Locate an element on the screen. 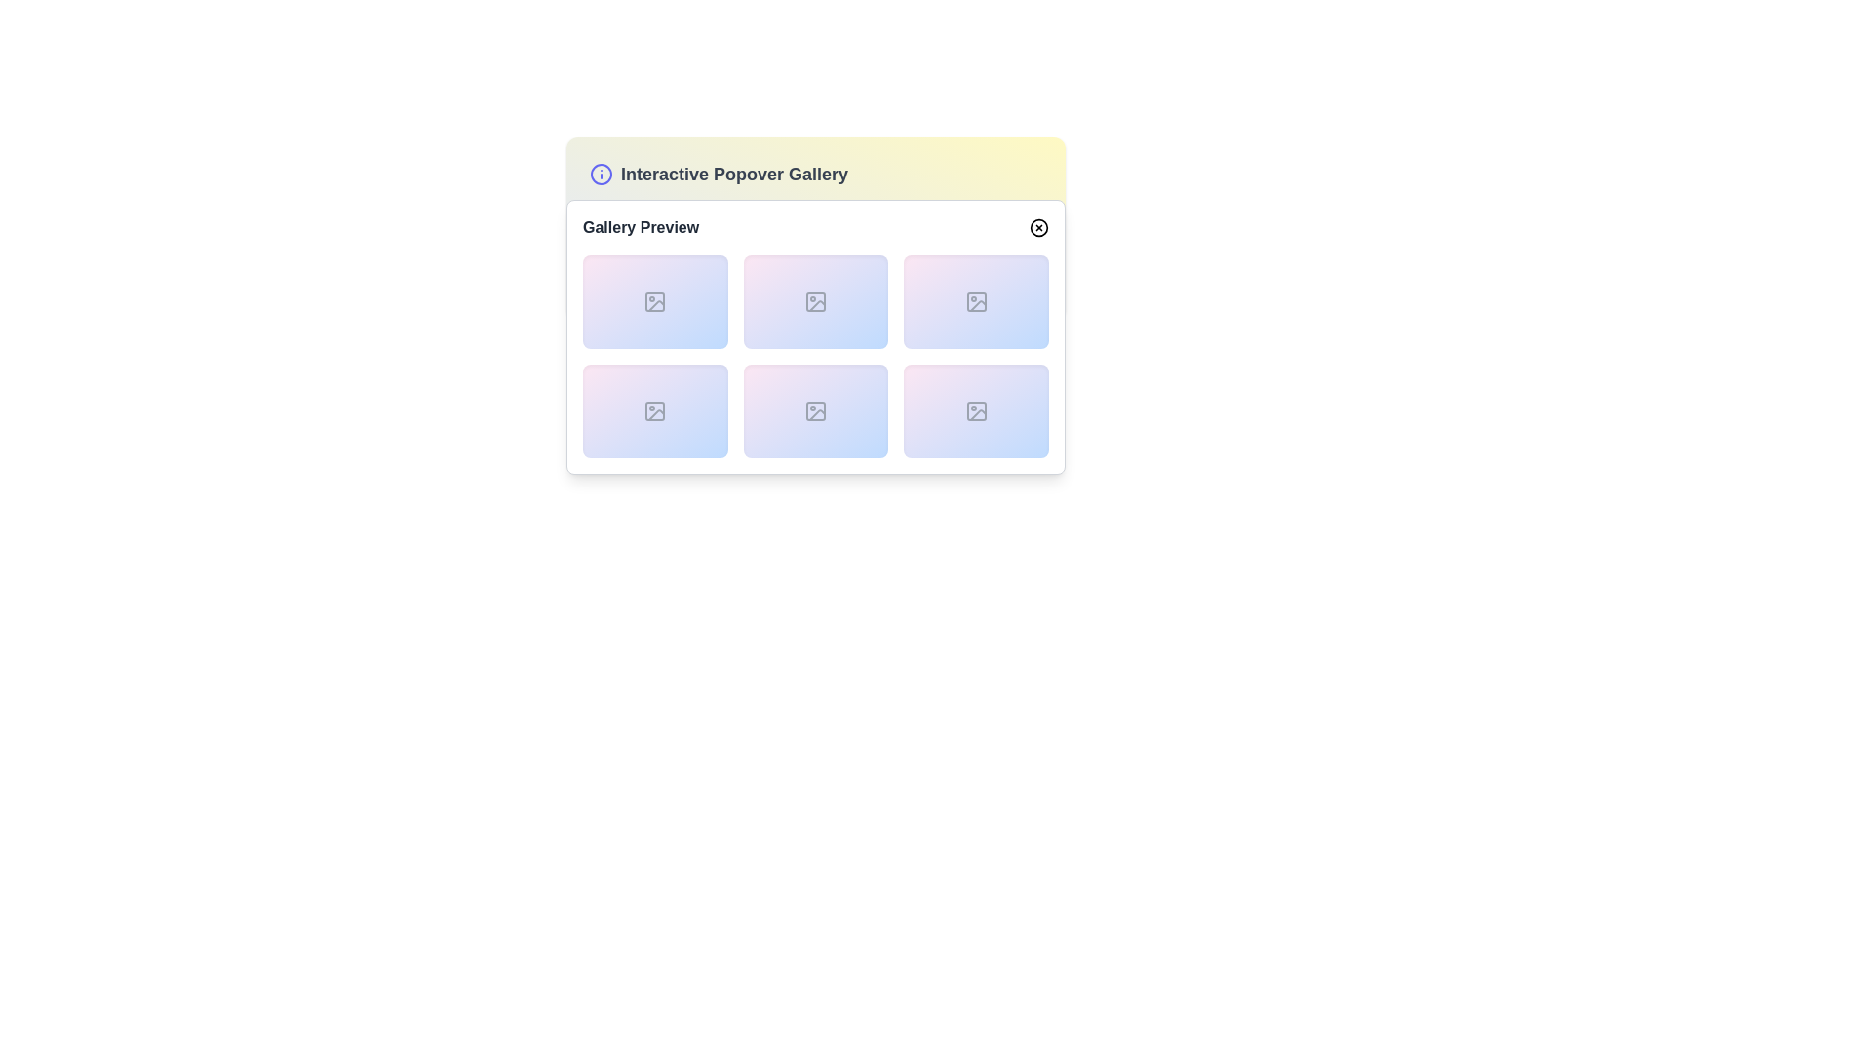 This screenshot has width=1872, height=1053. the SVG icon depicting a generic image outline located in the top-left quadrant of the grid layout is located at coordinates (655, 301).